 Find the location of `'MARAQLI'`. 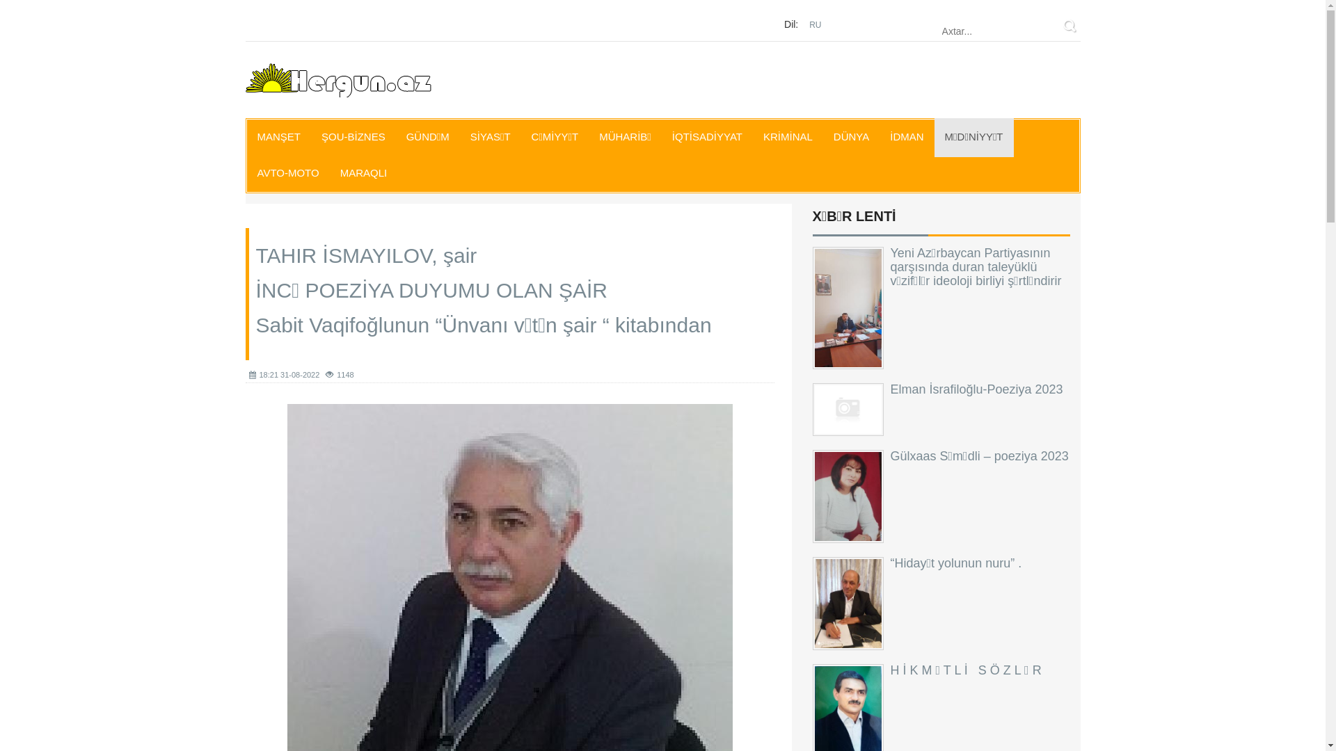

'MARAQLI' is located at coordinates (364, 173).